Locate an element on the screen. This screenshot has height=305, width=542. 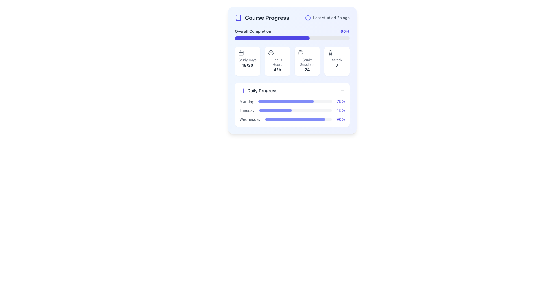
numerical value displayed in the text label representing the daily progress for 'Tuesday', which is located at the top-right of the progress bar is located at coordinates (340, 110).